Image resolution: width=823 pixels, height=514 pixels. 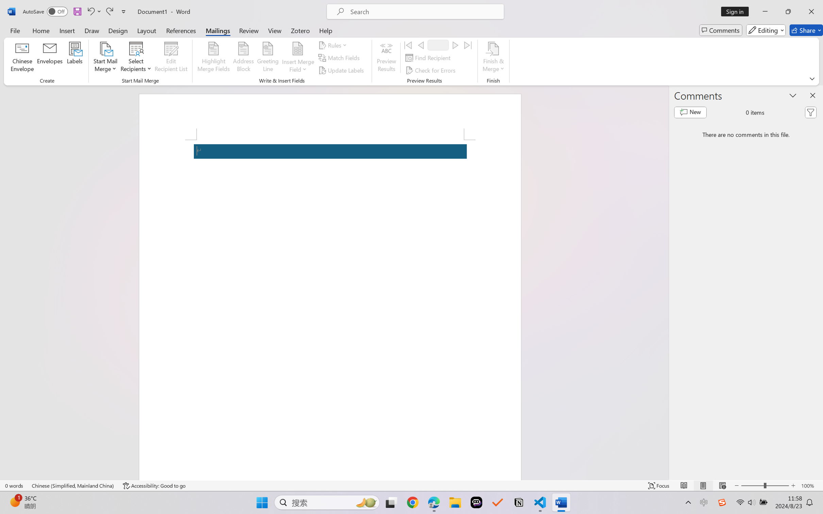 What do you see at coordinates (93, 11) in the screenshot?
I see `'Undo Apply Quick Style Set'` at bounding box center [93, 11].